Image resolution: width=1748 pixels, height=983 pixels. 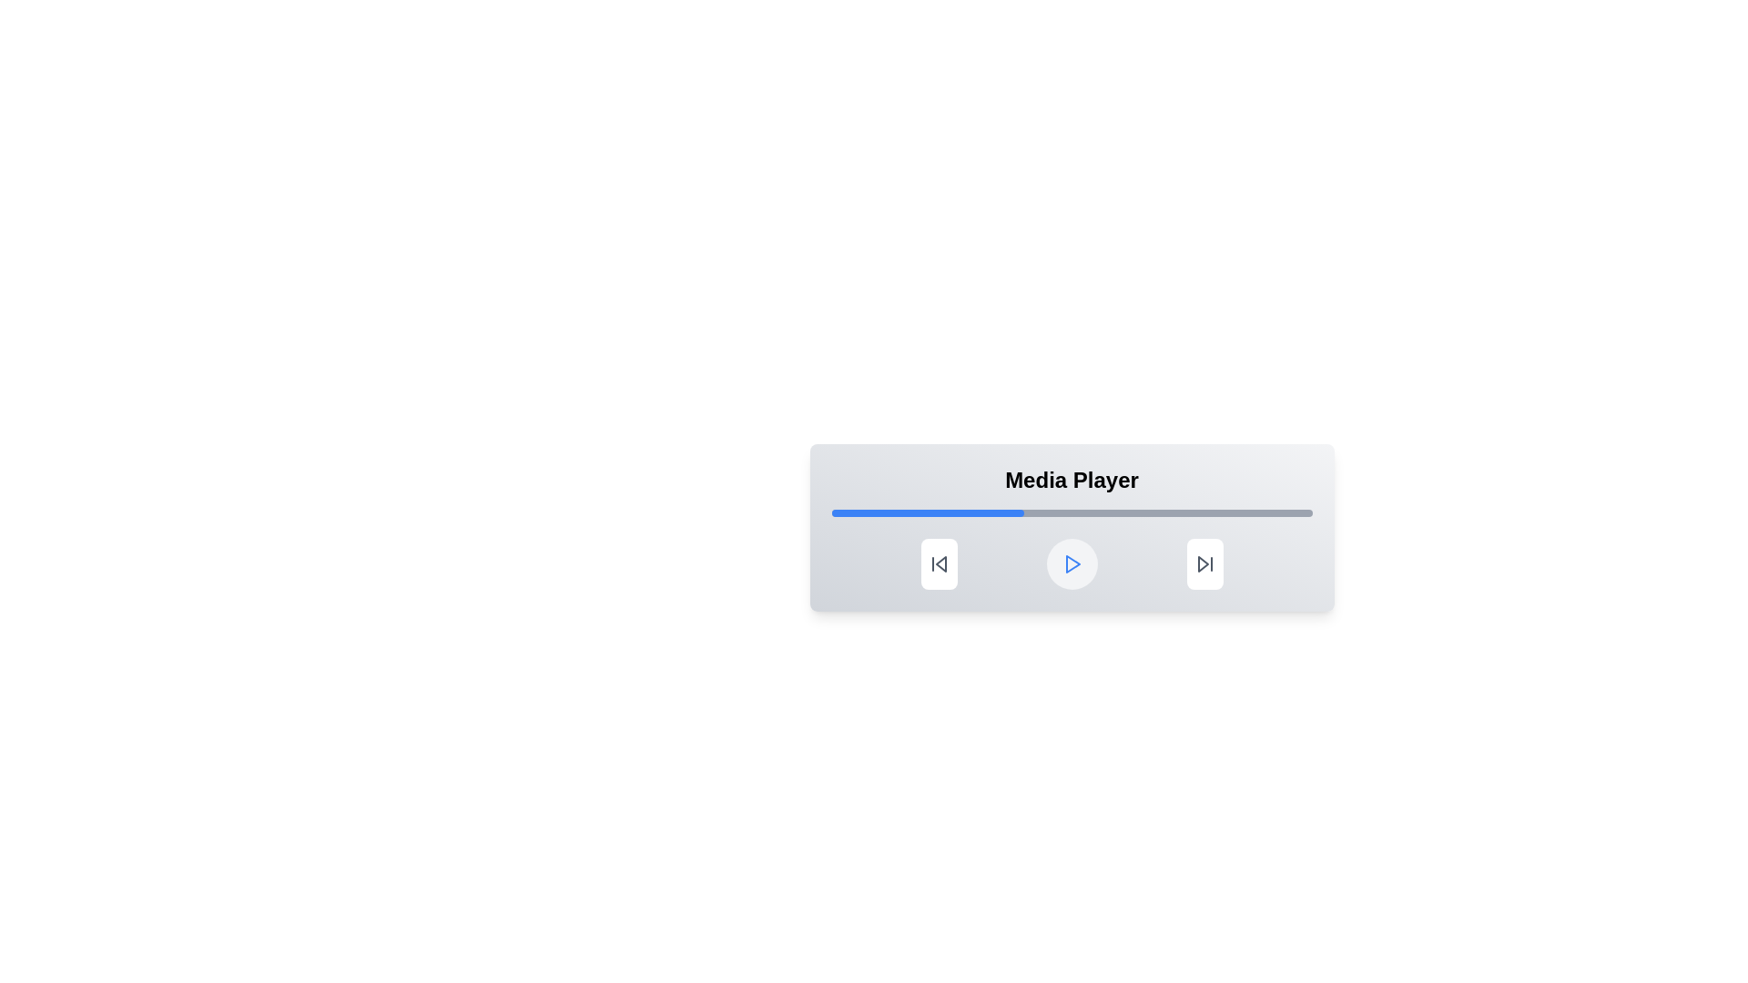 I want to click on the progress bar, so click(x=1091, y=512).